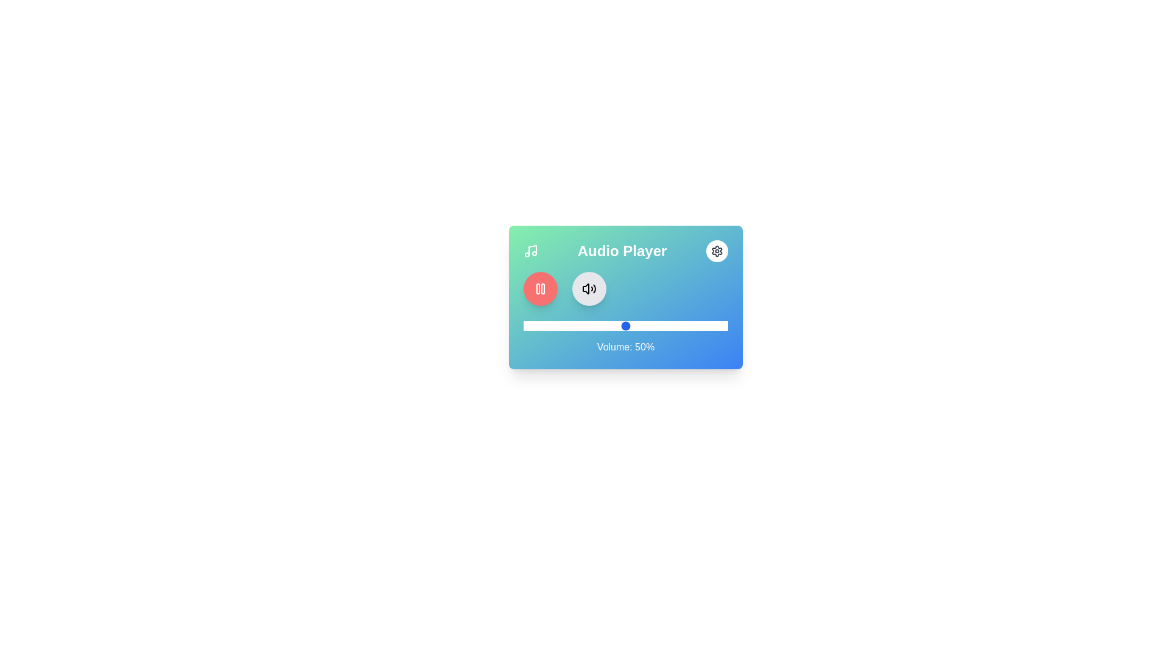  What do you see at coordinates (717, 250) in the screenshot?
I see `the cog-shaped settings icon located in the top-right corner of the audio player interface` at bounding box center [717, 250].